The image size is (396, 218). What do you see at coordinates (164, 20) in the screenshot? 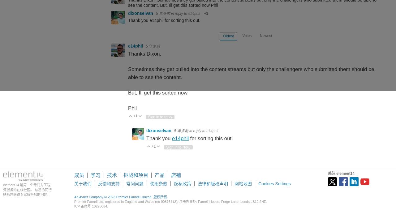
I see `'Thank you e14phil for sorting this out.'` at bounding box center [164, 20].